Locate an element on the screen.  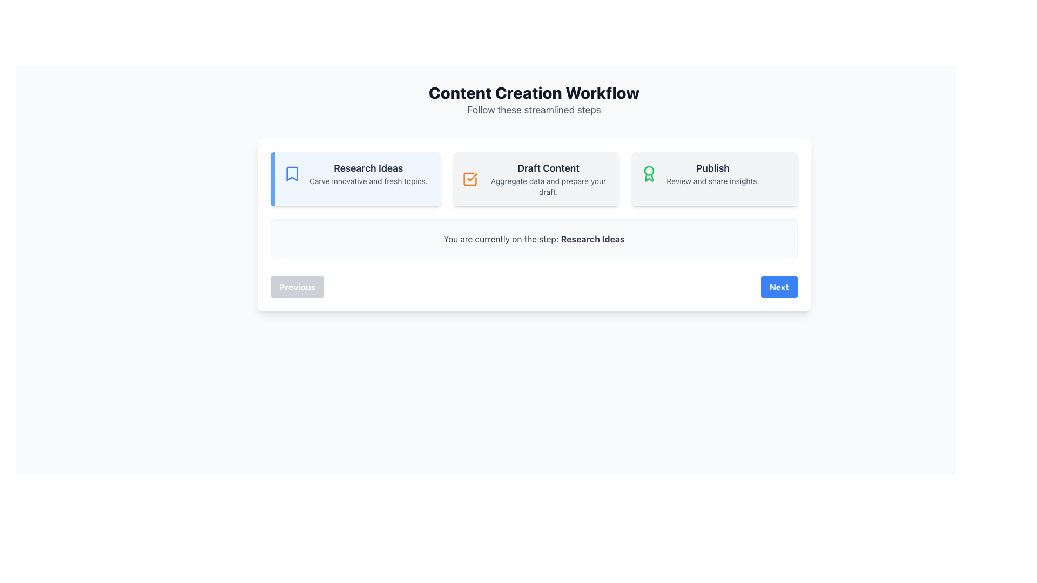
the green award medal icon located in the 'Publish' section, to the left of the 'Publish' title and 'Review and share insights.' subtitle is located at coordinates (649, 173).